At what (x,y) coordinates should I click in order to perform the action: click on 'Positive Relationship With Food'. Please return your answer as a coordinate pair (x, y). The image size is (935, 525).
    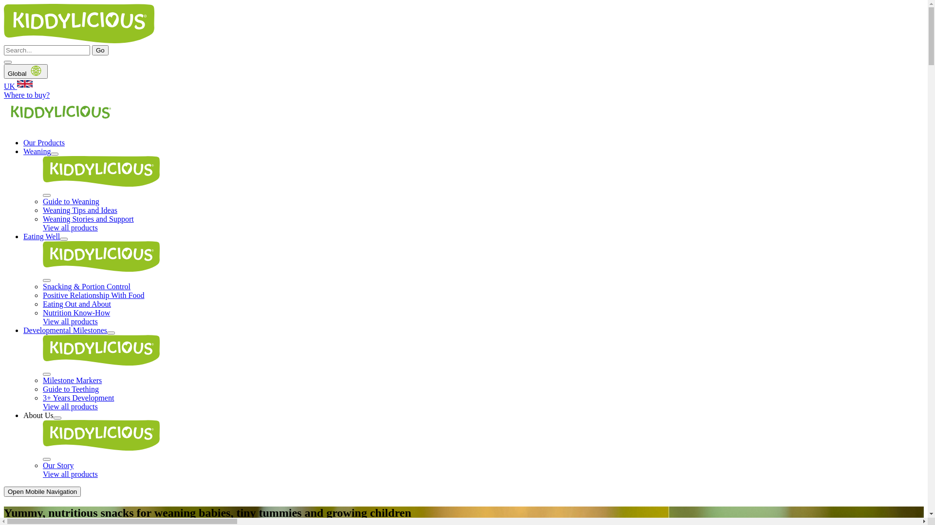
    Looking at the image, I should click on (42, 295).